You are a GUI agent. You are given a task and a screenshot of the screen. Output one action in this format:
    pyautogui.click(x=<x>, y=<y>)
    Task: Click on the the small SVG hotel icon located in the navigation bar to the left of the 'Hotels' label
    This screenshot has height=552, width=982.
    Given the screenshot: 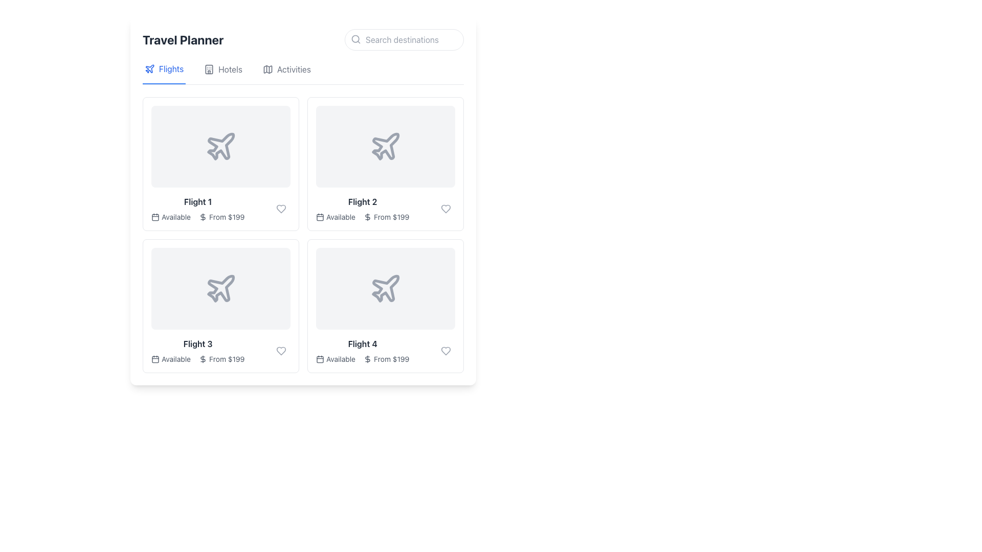 What is the action you would take?
    pyautogui.click(x=209, y=69)
    